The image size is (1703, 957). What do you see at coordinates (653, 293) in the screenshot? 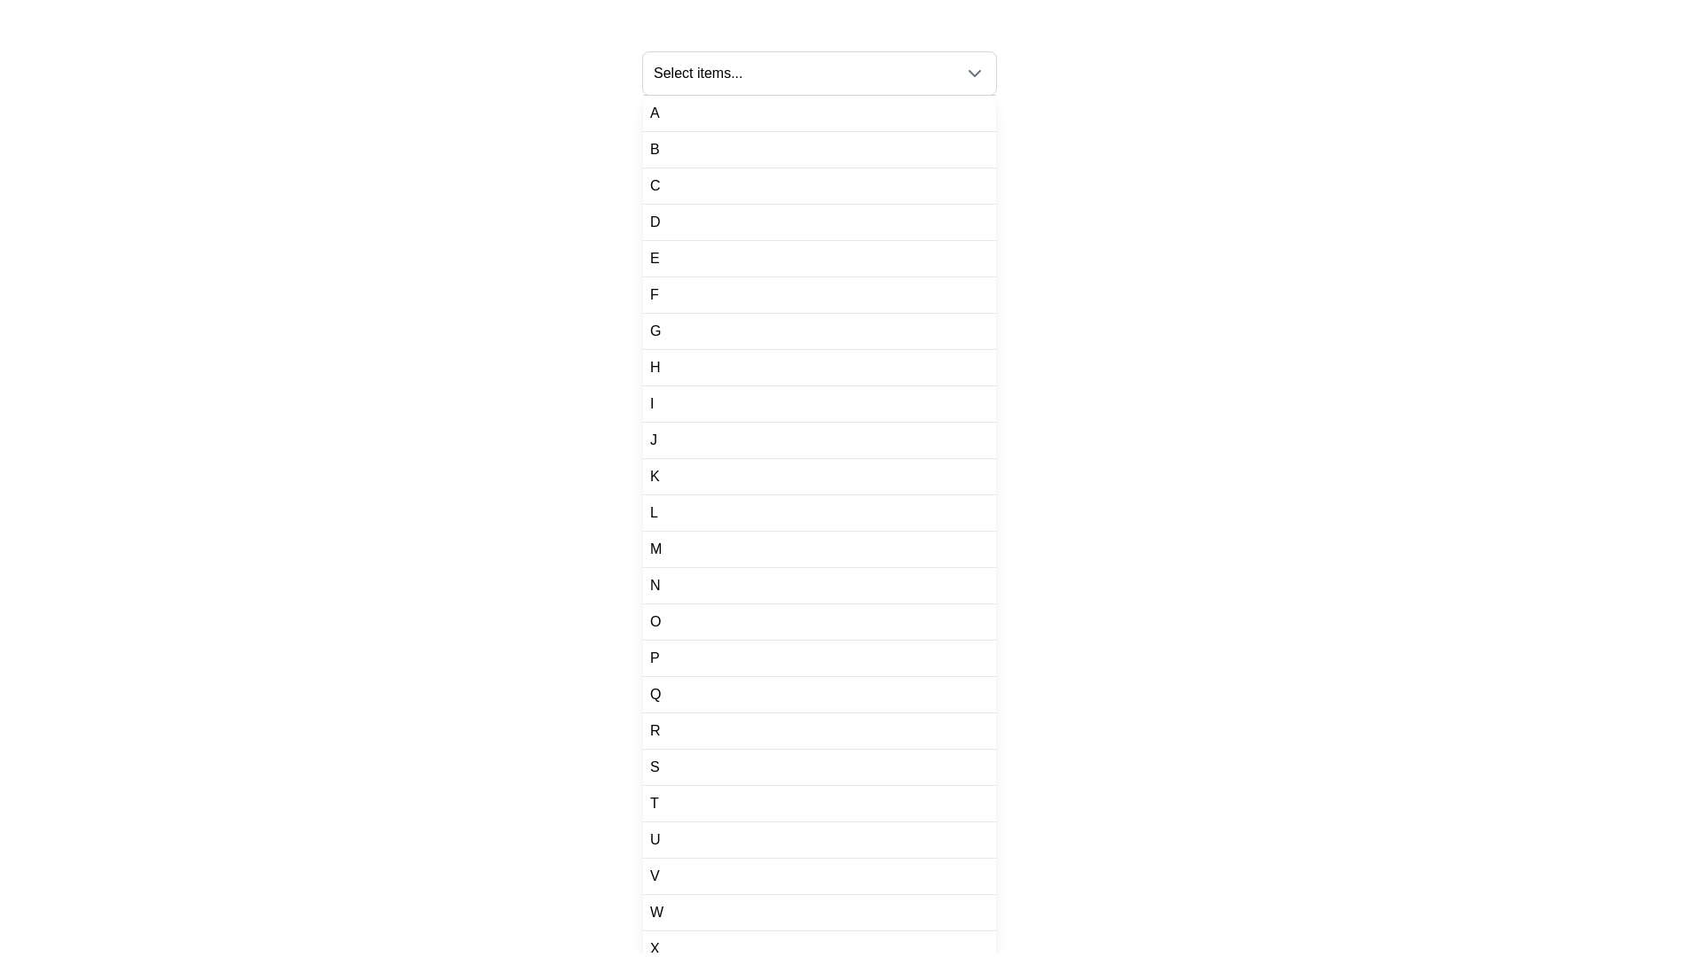
I see `the 'F' option in the dropdown list` at bounding box center [653, 293].